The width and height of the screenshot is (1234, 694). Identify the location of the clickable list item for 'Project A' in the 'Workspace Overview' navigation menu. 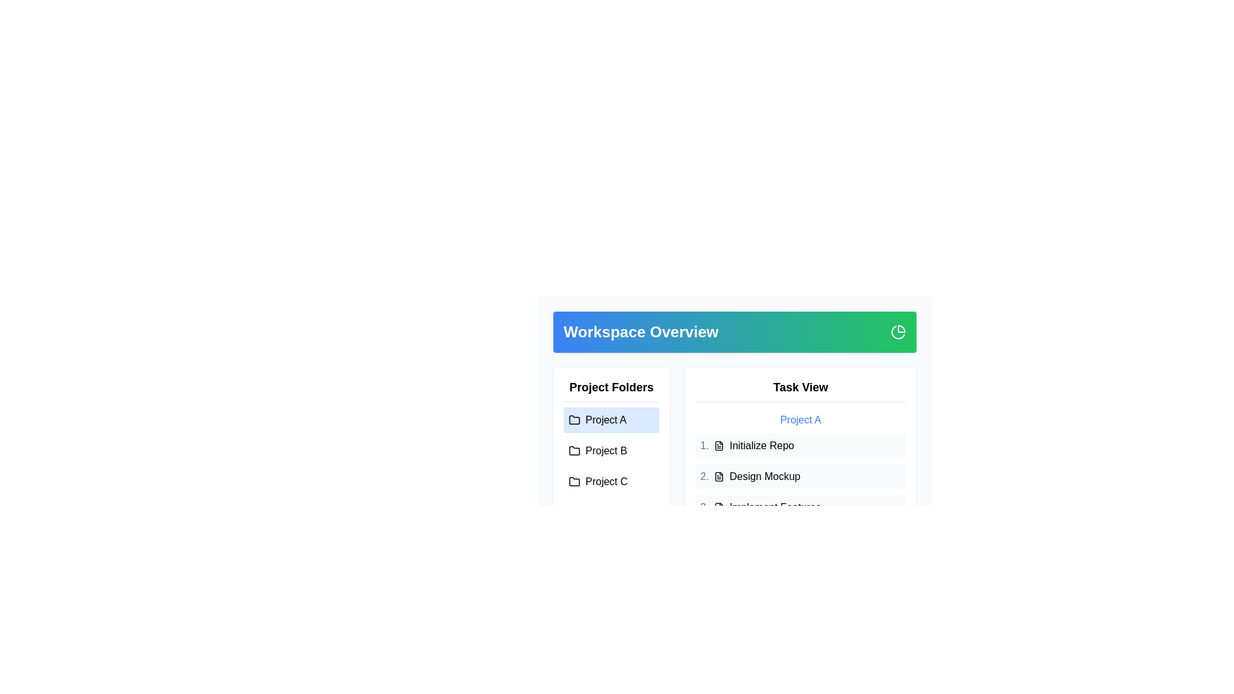
(611, 420).